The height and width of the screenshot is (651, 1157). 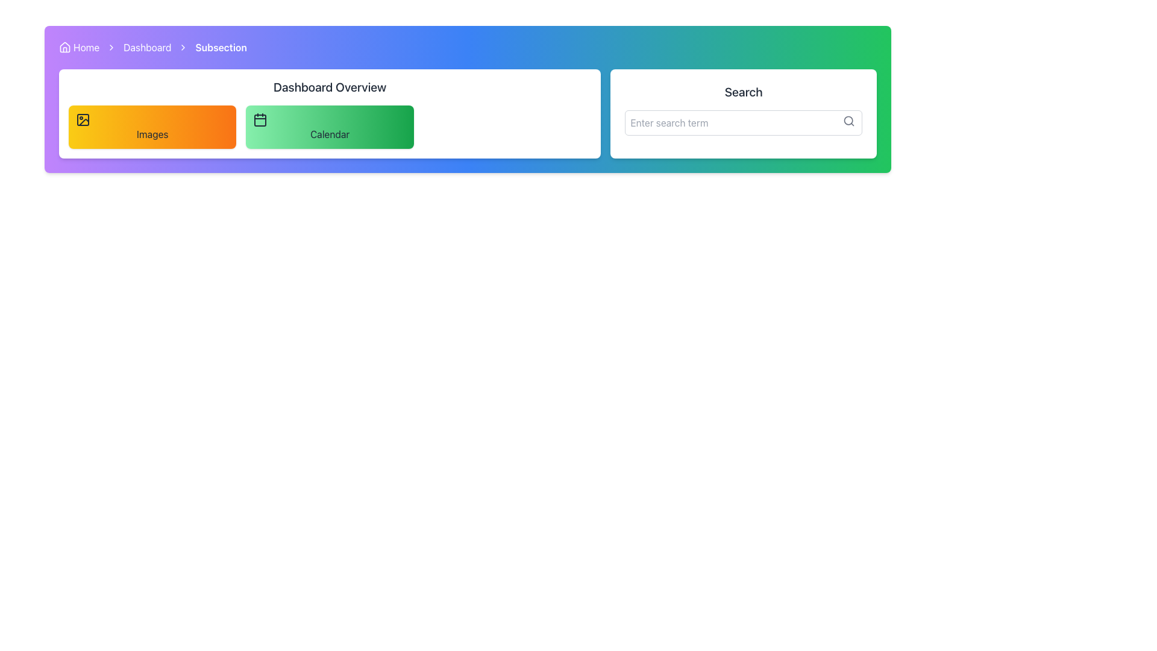 I want to click on the house icon located at the beginning of the breadcrumb navigation bar, so click(x=64, y=46).